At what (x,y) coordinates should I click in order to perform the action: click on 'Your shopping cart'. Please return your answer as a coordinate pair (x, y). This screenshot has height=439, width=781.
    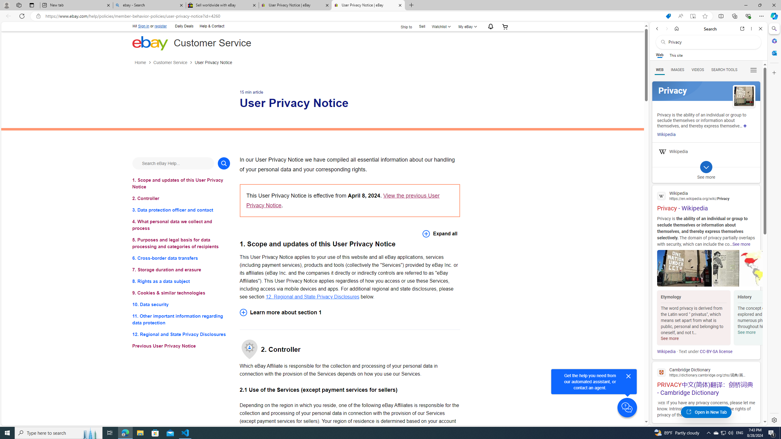
    Looking at the image, I should click on (505, 27).